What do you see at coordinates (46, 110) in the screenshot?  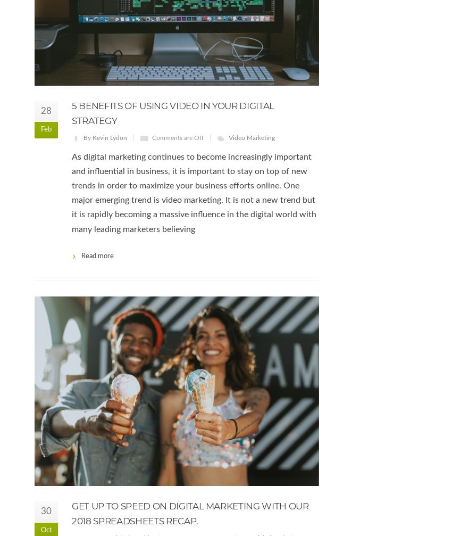 I see `'28'` at bounding box center [46, 110].